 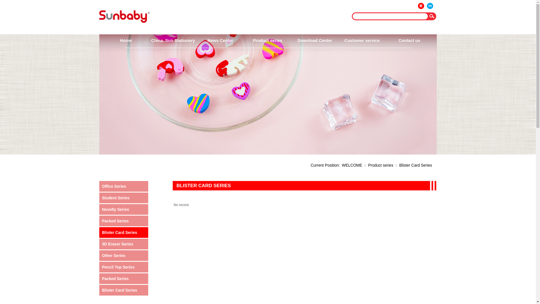 What do you see at coordinates (124, 221) in the screenshot?
I see `'Packed Series'` at bounding box center [124, 221].